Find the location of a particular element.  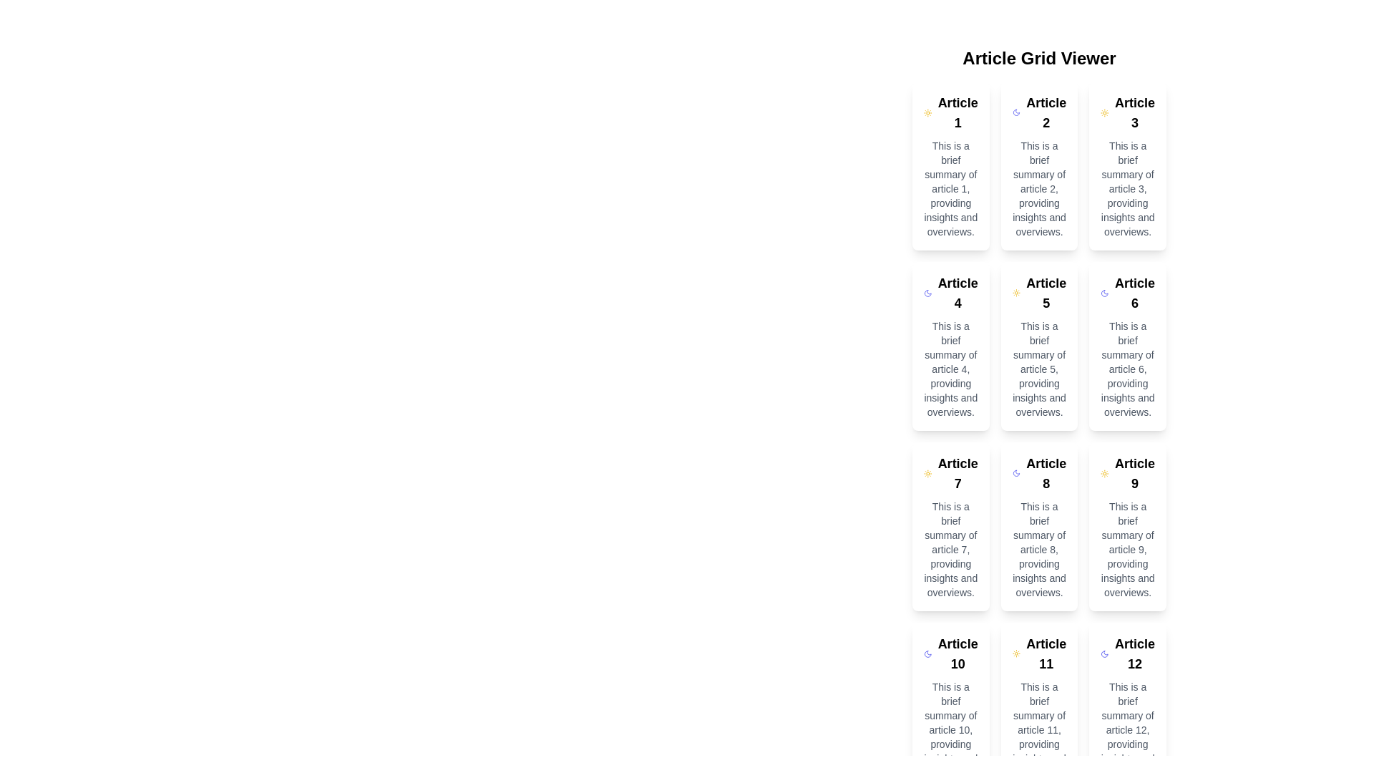

the Text label that serves as a title for the card describing 'Article 12', located at the bottommost right card in a 3x4 grid layout is located at coordinates (1134, 654).